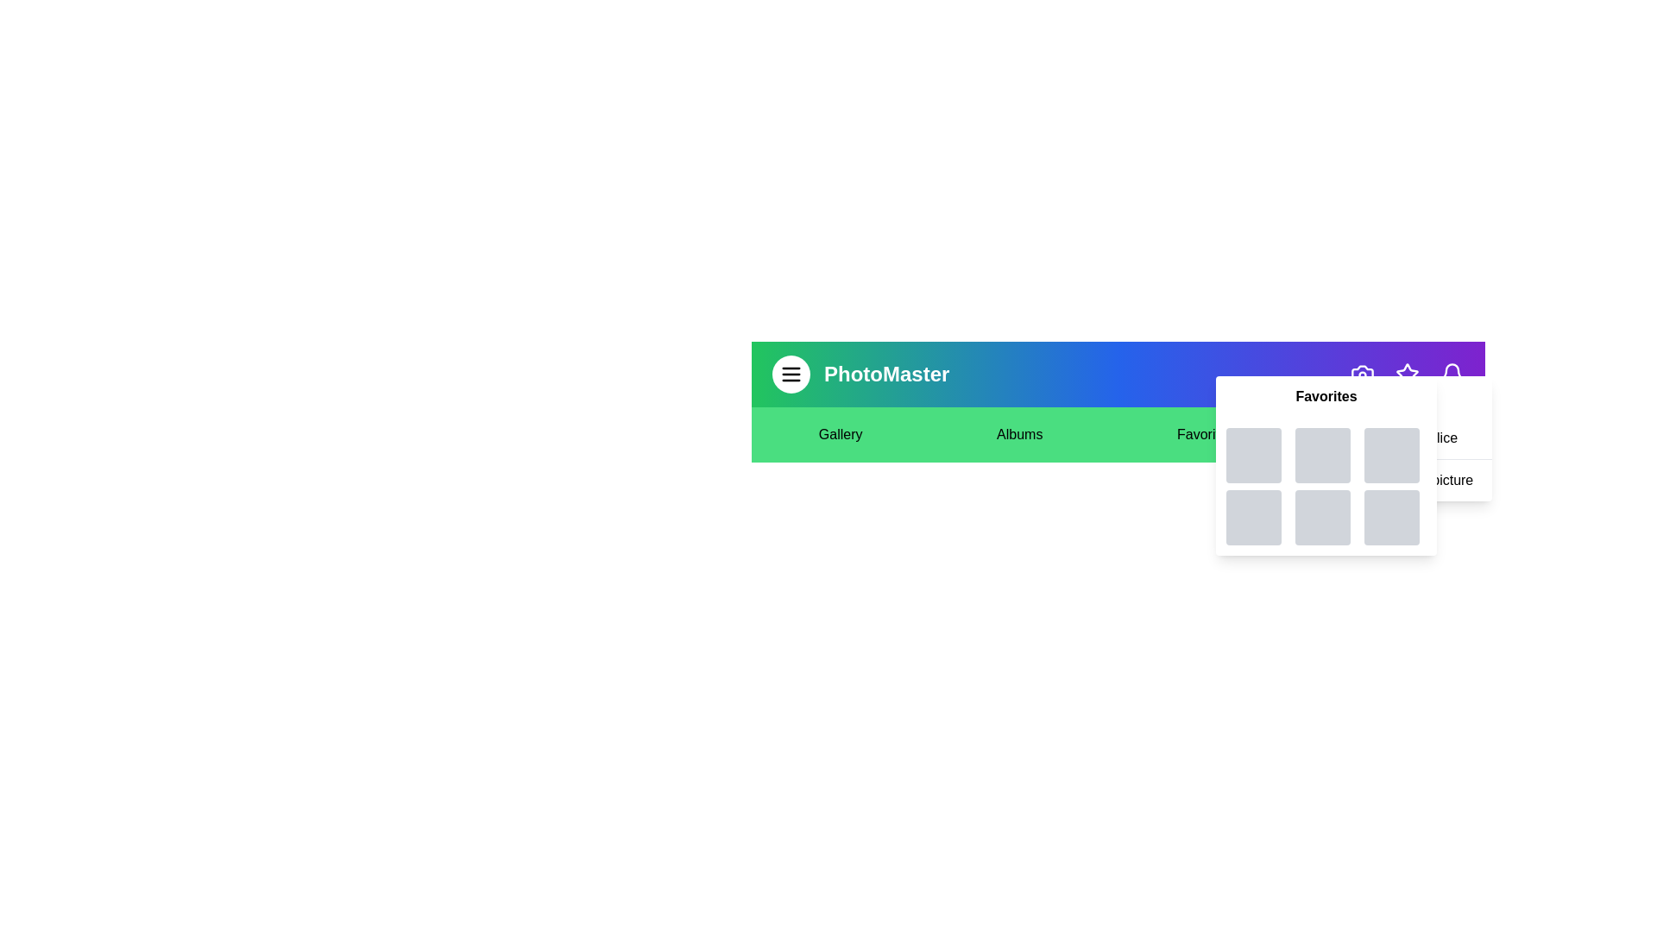 This screenshot has width=1657, height=932. What do you see at coordinates (1408, 374) in the screenshot?
I see `the 'Star' icon button to toggle the visibility of the favorites section` at bounding box center [1408, 374].